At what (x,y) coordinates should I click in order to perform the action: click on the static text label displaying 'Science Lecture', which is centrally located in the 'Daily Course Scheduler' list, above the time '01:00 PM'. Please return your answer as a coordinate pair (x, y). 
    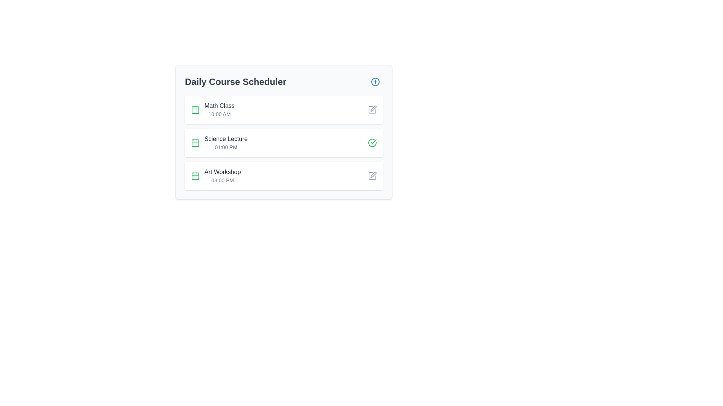
    Looking at the image, I should click on (226, 139).